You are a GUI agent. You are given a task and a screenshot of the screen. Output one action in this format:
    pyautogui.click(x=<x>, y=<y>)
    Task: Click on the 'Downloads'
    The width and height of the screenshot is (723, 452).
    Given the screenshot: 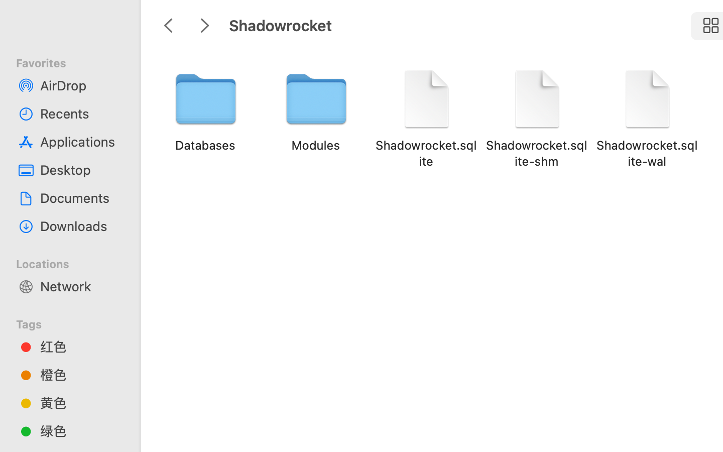 What is the action you would take?
    pyautogui.click(x=80, y=226)
    